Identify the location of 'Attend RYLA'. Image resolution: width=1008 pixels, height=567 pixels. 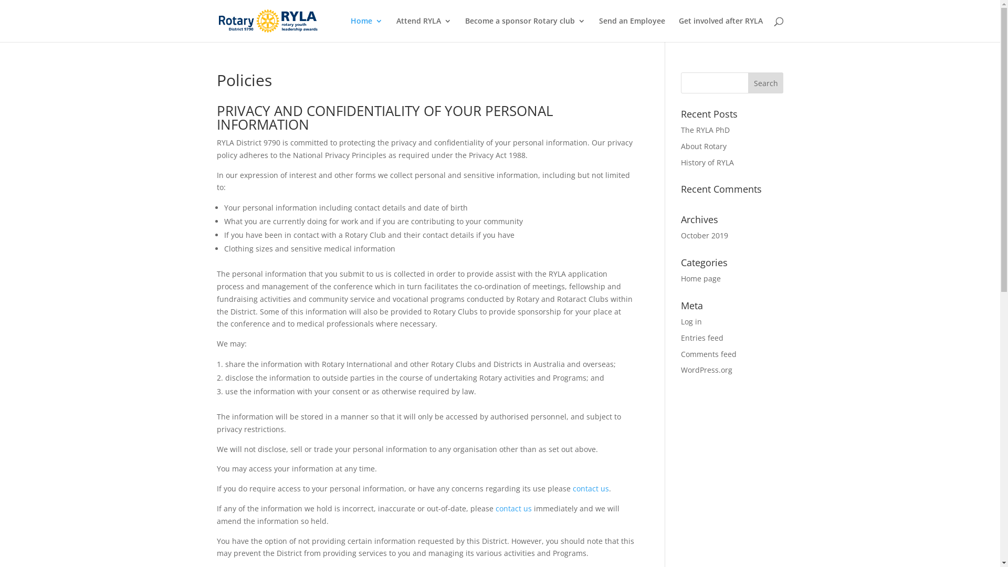
(423, 29).